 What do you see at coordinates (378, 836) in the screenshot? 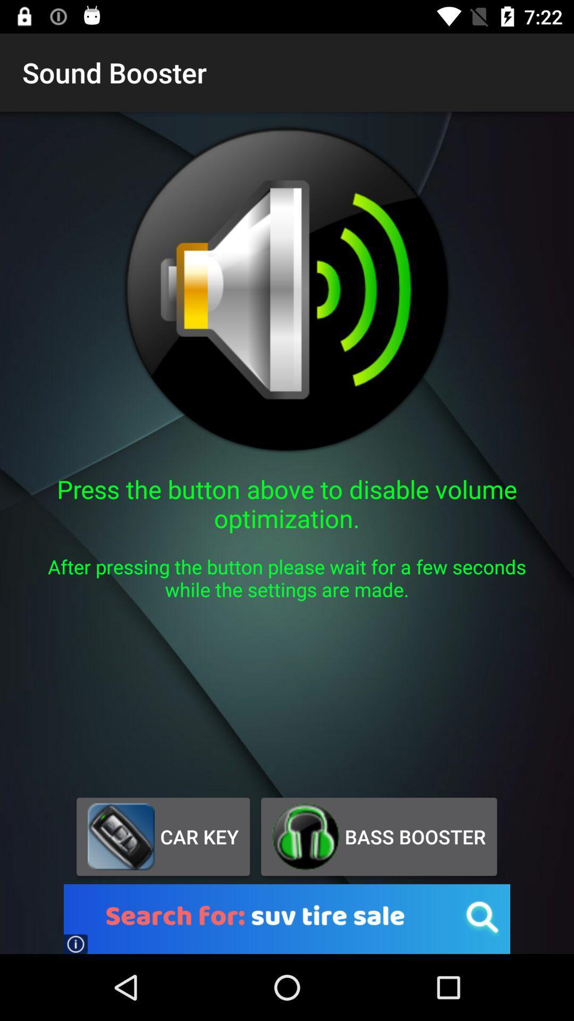
I see `button to the right of car key icon` at bounding box center [378, 836].